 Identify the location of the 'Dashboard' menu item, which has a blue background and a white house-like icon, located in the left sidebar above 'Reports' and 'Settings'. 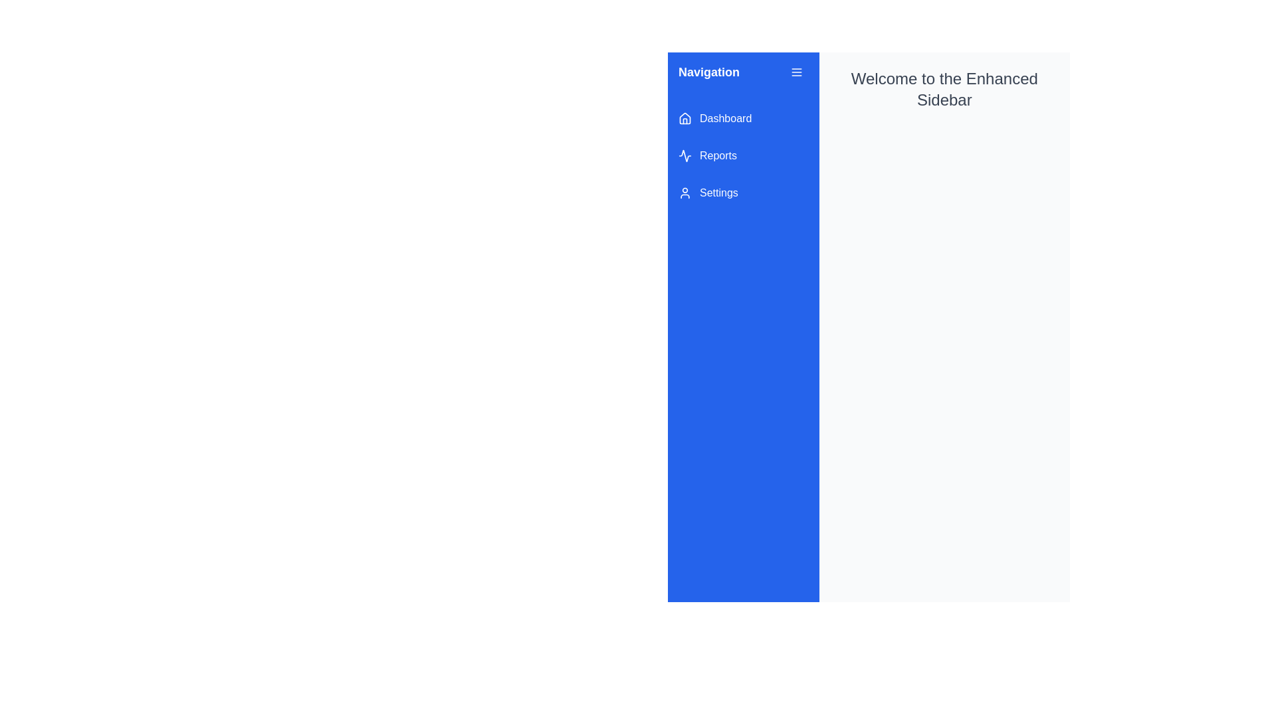
(742, 118).